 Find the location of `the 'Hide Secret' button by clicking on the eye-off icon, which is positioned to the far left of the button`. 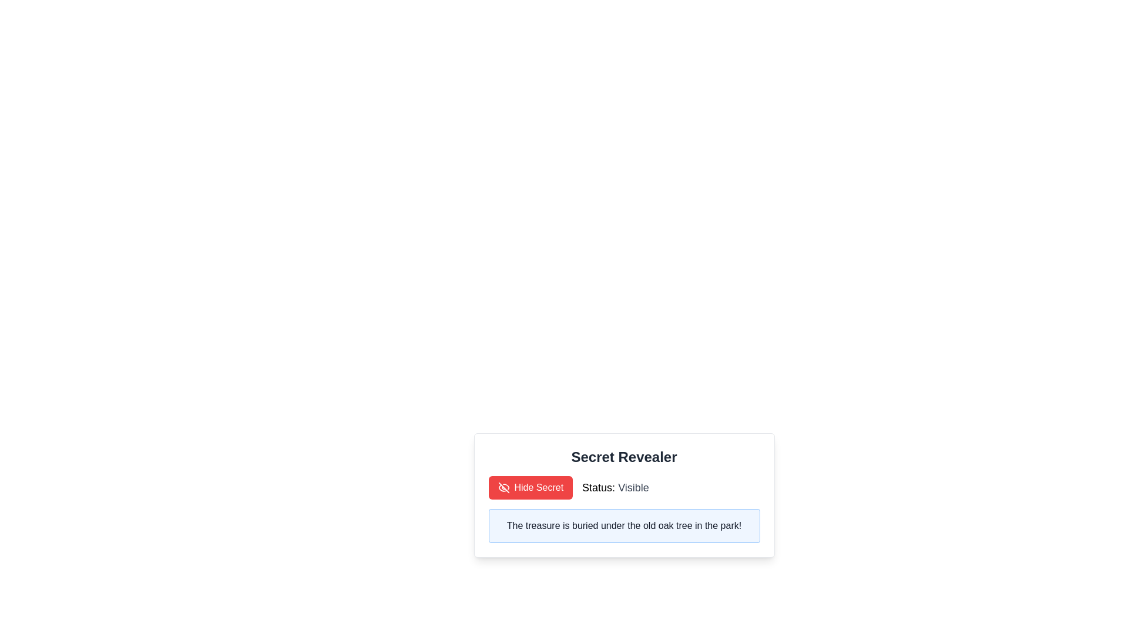

the 'Hide Secret' button by clicking on the eye-off icon, which is positioned to the far left of the button is located at coordinates (503, 487).